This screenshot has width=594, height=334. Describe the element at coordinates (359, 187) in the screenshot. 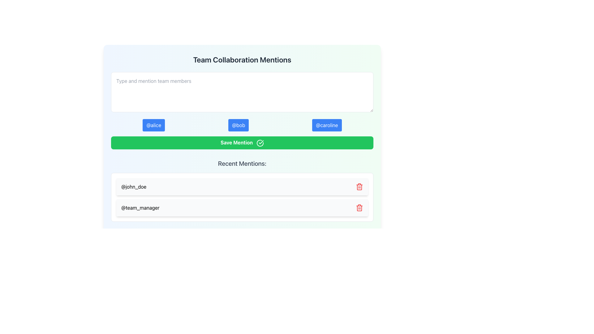

I see `the trash bin body of the trash icon located at the right end of the 'Recent Mentions' list` at that location.